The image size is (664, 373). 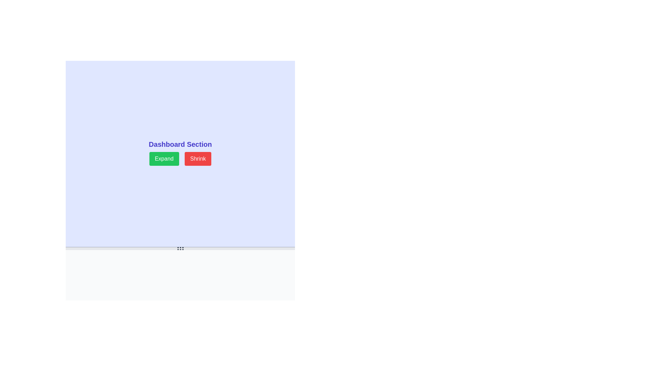 What do you see at coordinates (164, 159) in the screenshot?
I see `the expansion button located under the 'Dashboard Section' heading` at bounding box center [164, 159].